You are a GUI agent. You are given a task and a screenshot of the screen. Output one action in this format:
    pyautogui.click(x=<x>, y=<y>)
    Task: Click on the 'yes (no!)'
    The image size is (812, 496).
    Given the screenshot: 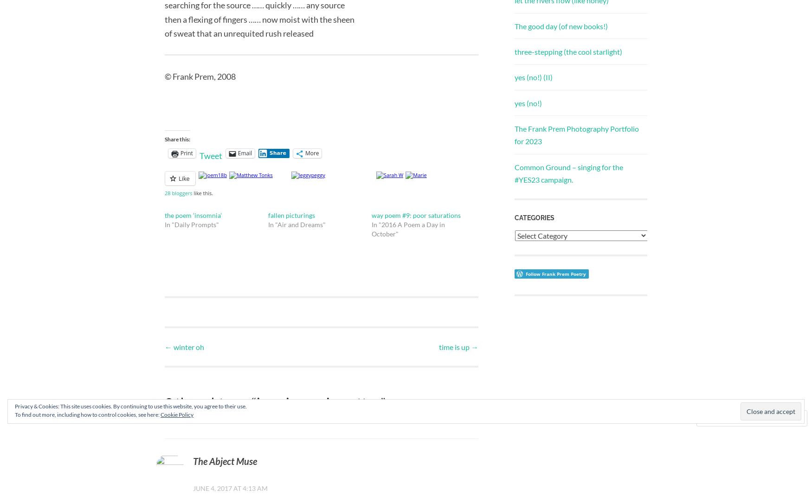 What is the action you would take?
    pyautogui.click(x=514, y=102)
    